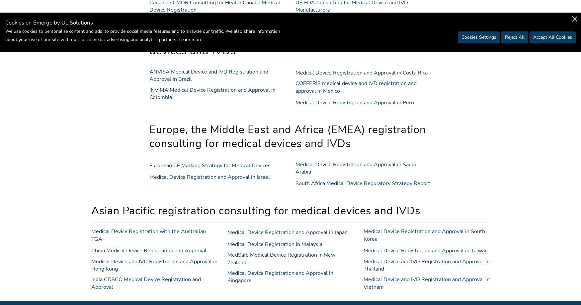 The height and width of the screenshot is (305, 581). Describe the element at coordinates (91, 210) in the screenshot. I see `'Asian Pacific registration consulting for medical devices and IVDs'` at that location.